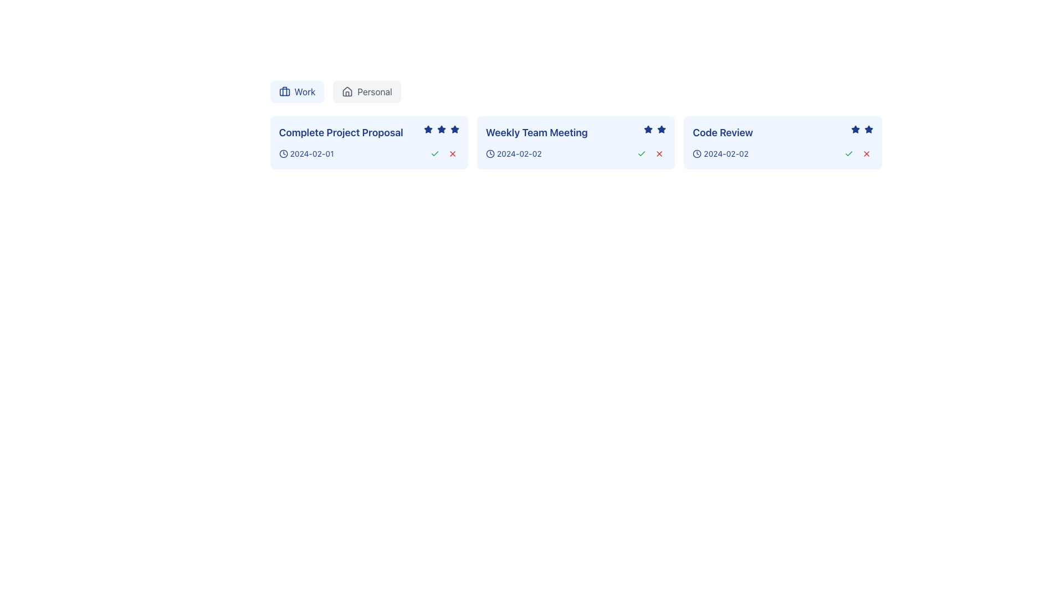 The height and width of the screenshot is (598, 1064). Describe the element at coordinates (454, 129) in the screenshot. I see `the fifth star-shaped icon in a horizontal series within a flexbox layout, which is likely used to mark an item as notable or indicate a priority status` at that location.